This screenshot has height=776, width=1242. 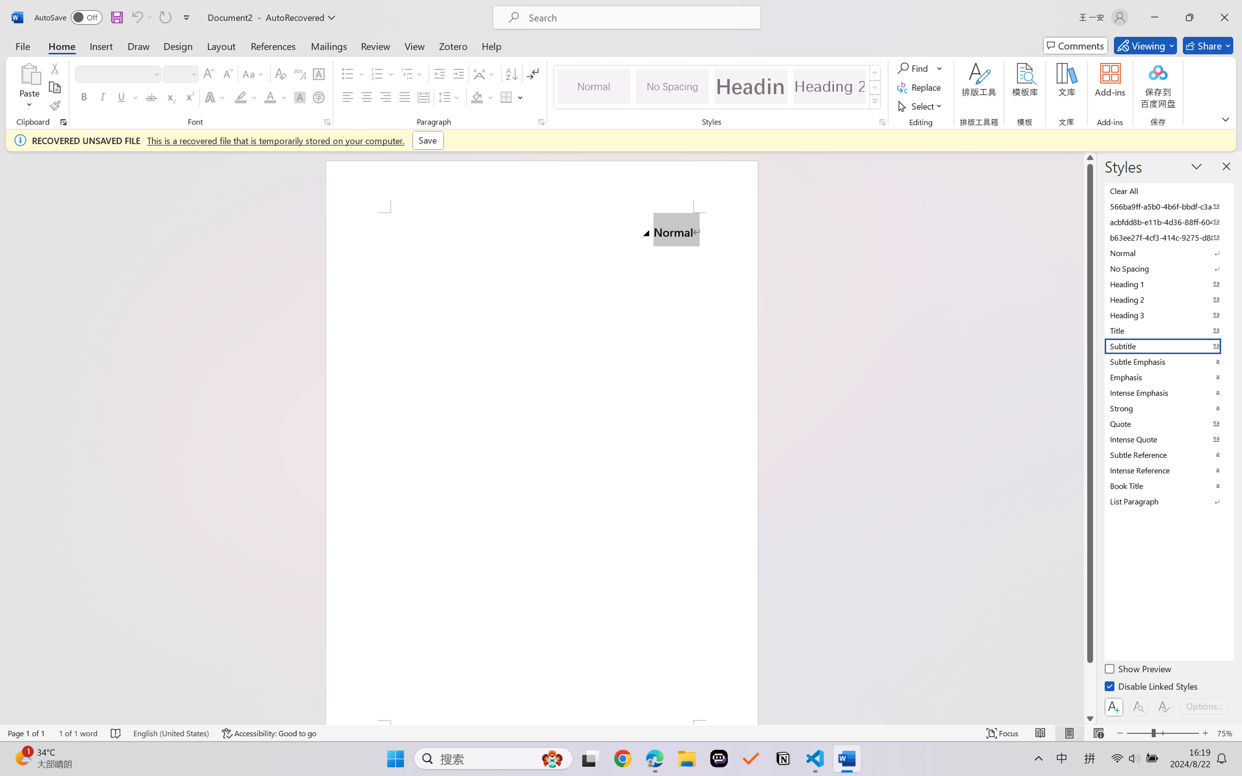 I want to click on 'Font Color', so click(x=275, y=96).